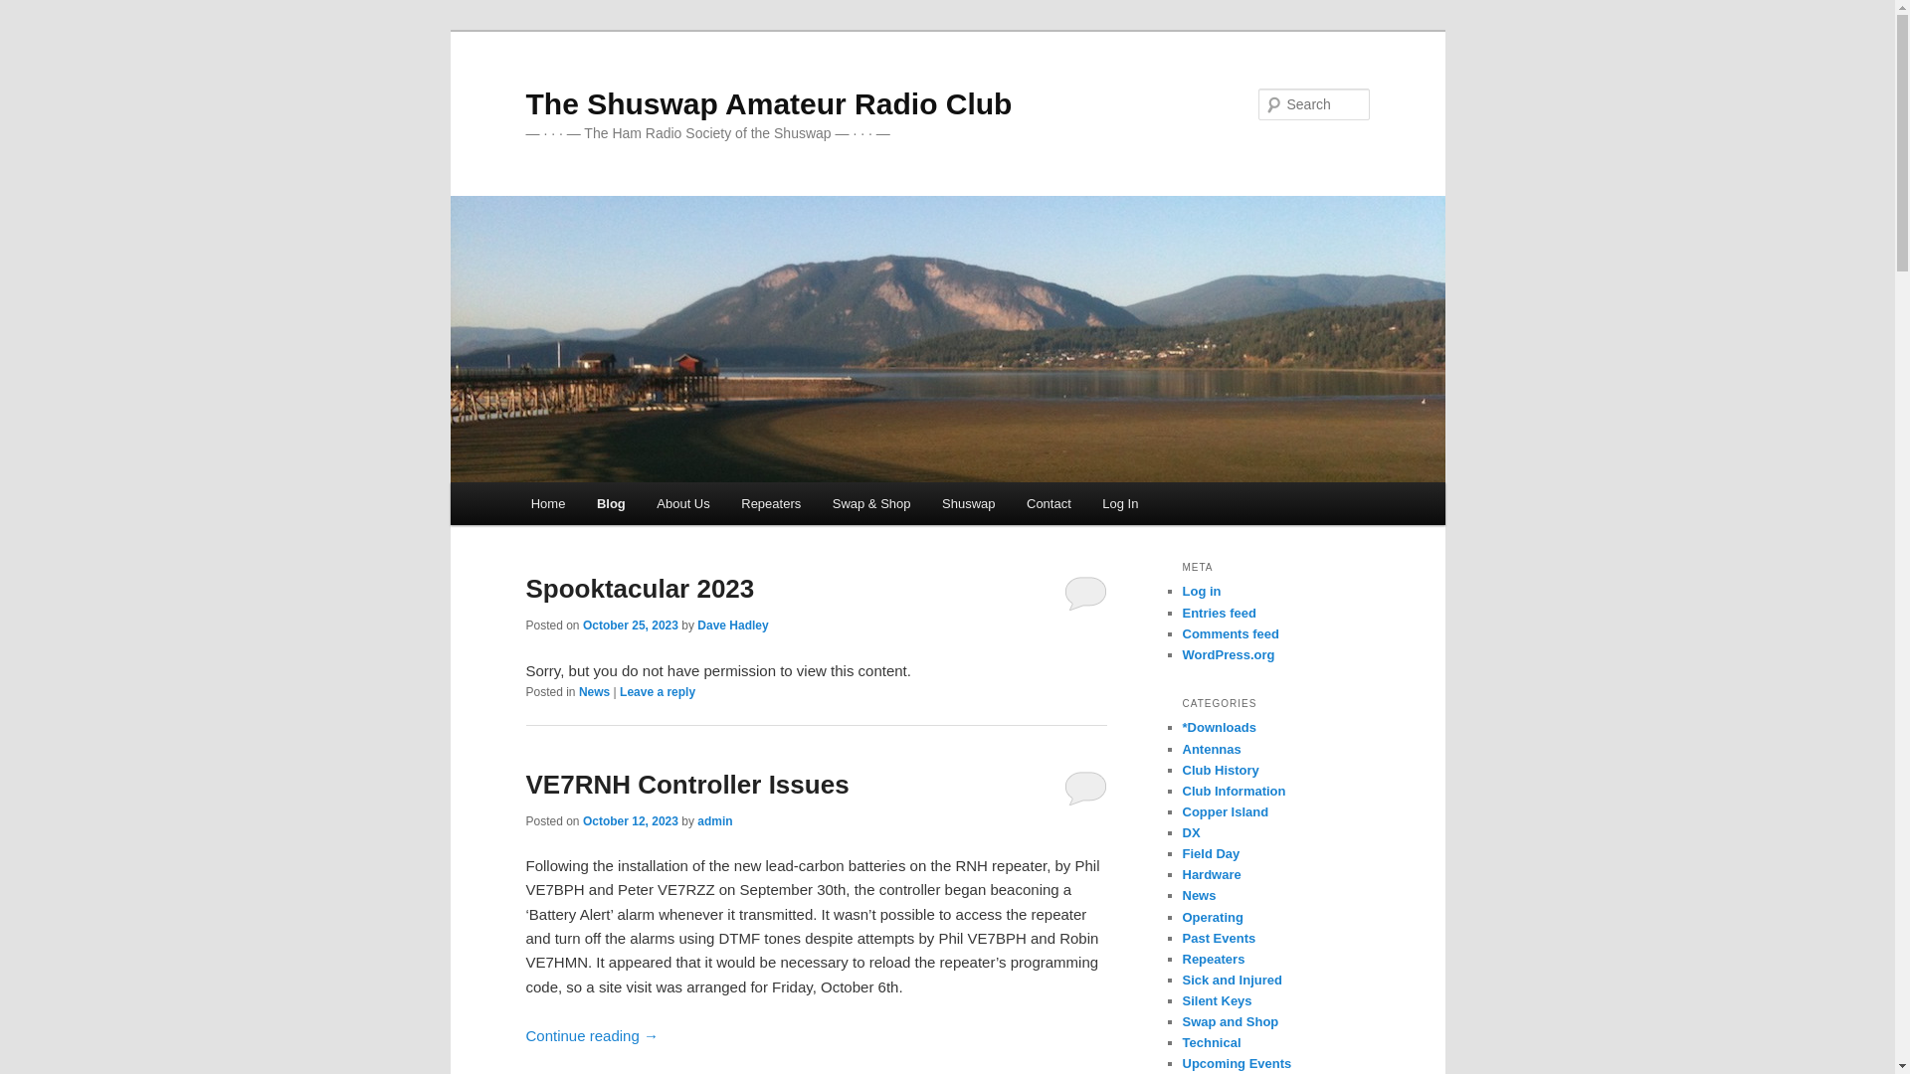 This screenshot has height=1074, width=1910. Describe the element at coordinates (1190, 832) in the screenshot. I see `'DX'` at that location.